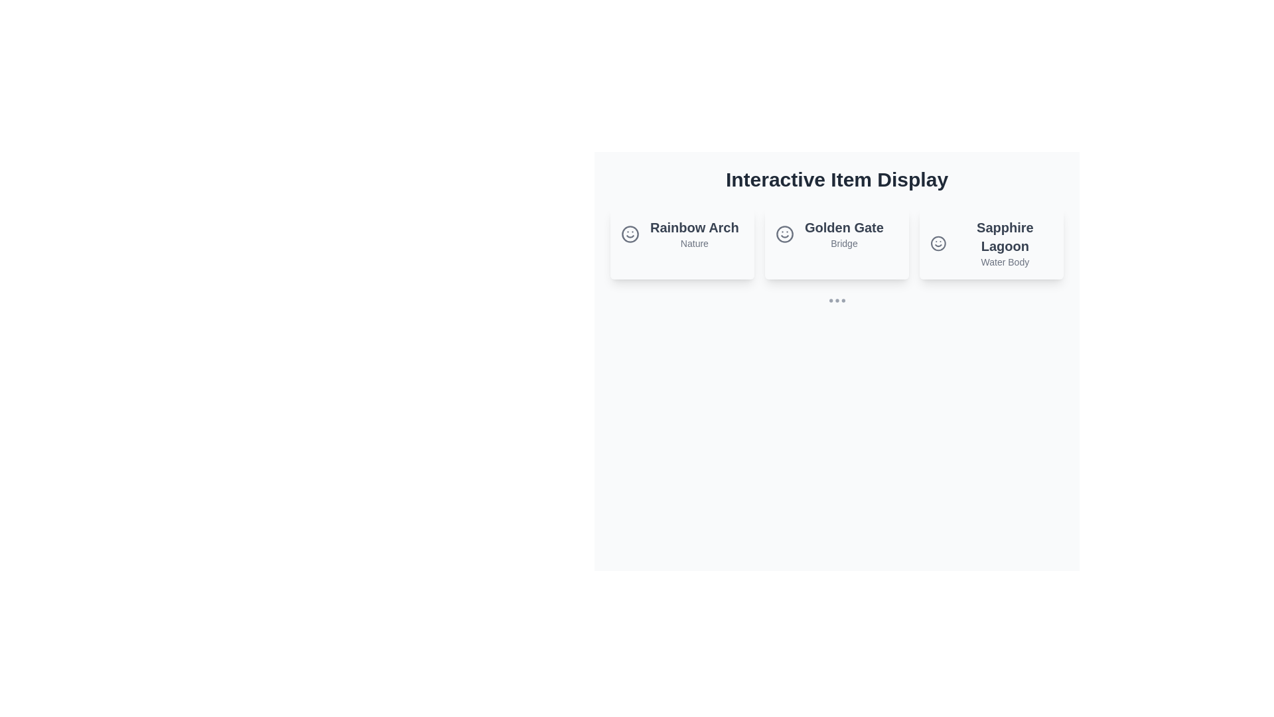  Describe the element at coordinates (843, 227) in the screenshot. I see `the text label displaying 'Golden Gate' in a bold and large font style, which is part of the second card in a row of three cards` at that location.